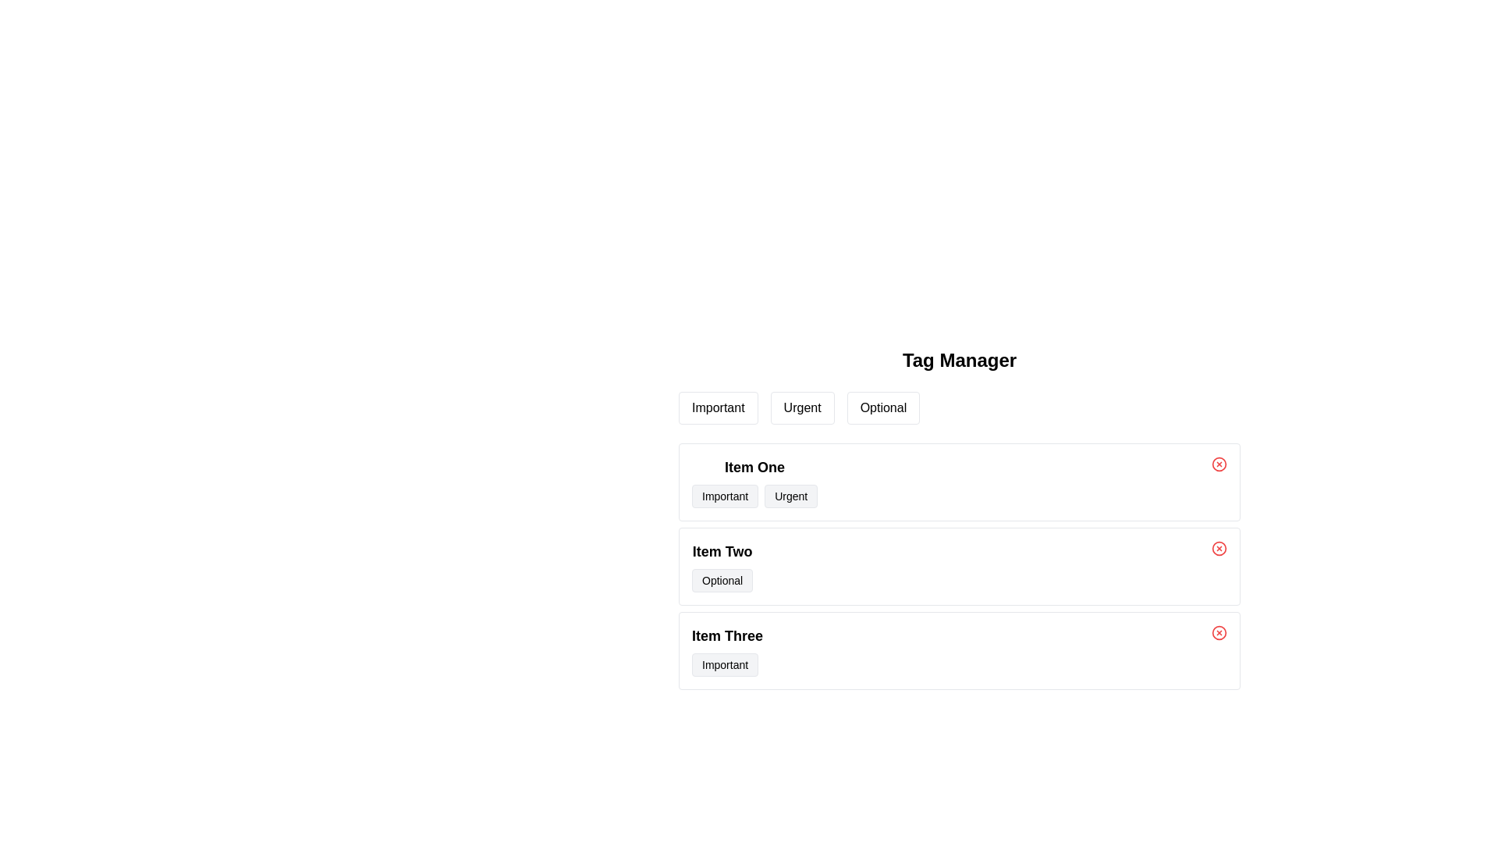 The image size is (1498, 843). What do you see at coordinates (1219, 632) in the screenshot?
I see `the red circular button with an 'X' symbol located in the bottom-right corner of the 'Item Three' card` at bounding box center [1219, 632].